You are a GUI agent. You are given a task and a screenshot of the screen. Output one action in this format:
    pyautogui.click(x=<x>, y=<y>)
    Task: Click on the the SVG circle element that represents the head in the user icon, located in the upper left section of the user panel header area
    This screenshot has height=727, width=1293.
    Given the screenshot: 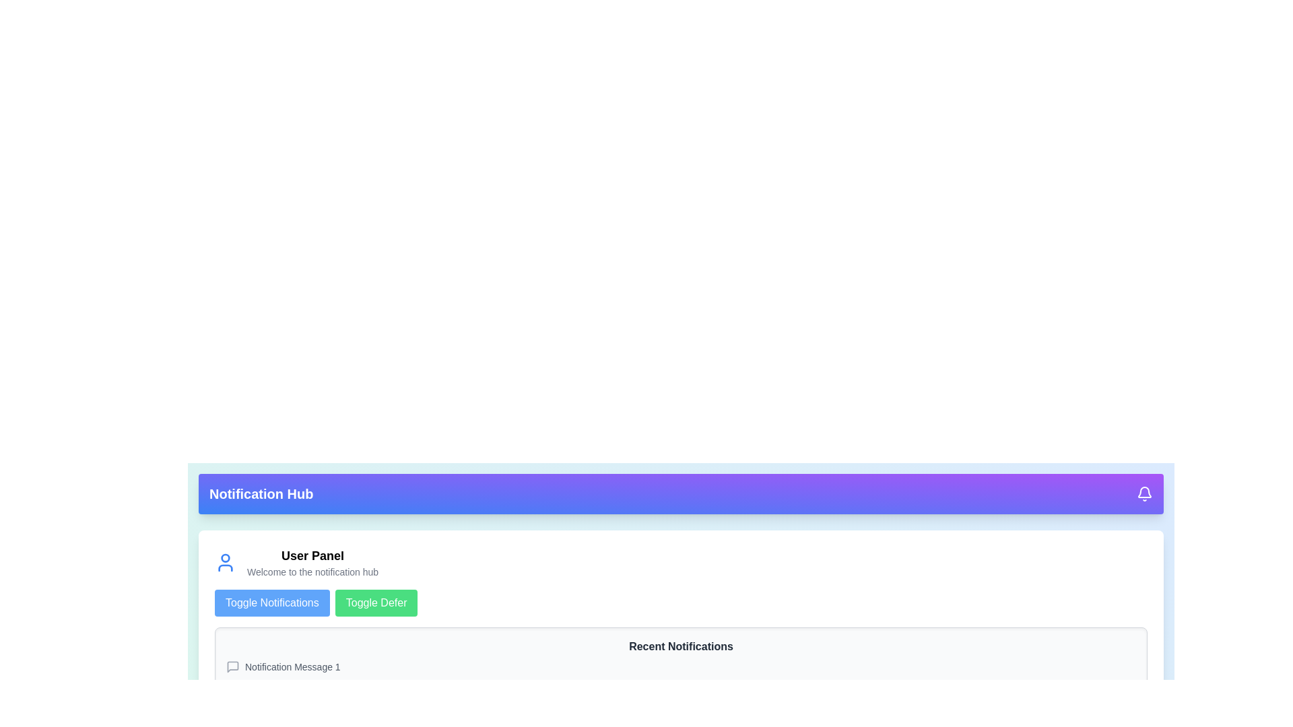 What is the action you would take?
    pyautogui.click(x=226, y=558)
    